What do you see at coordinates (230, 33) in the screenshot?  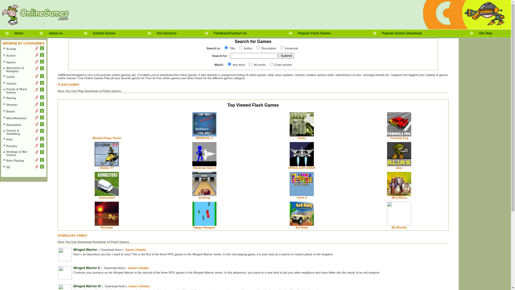 I see `'Feedback/Contact Us'` at bounding box center [230, 33].